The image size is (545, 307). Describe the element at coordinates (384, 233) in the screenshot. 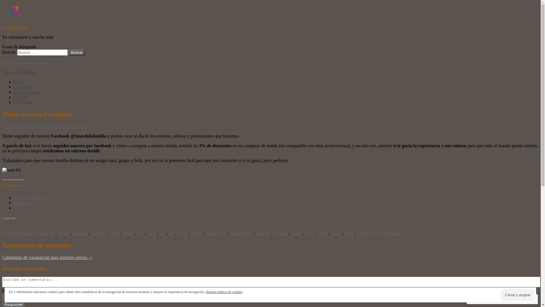

I see `'Deja un comentario'` at that location.